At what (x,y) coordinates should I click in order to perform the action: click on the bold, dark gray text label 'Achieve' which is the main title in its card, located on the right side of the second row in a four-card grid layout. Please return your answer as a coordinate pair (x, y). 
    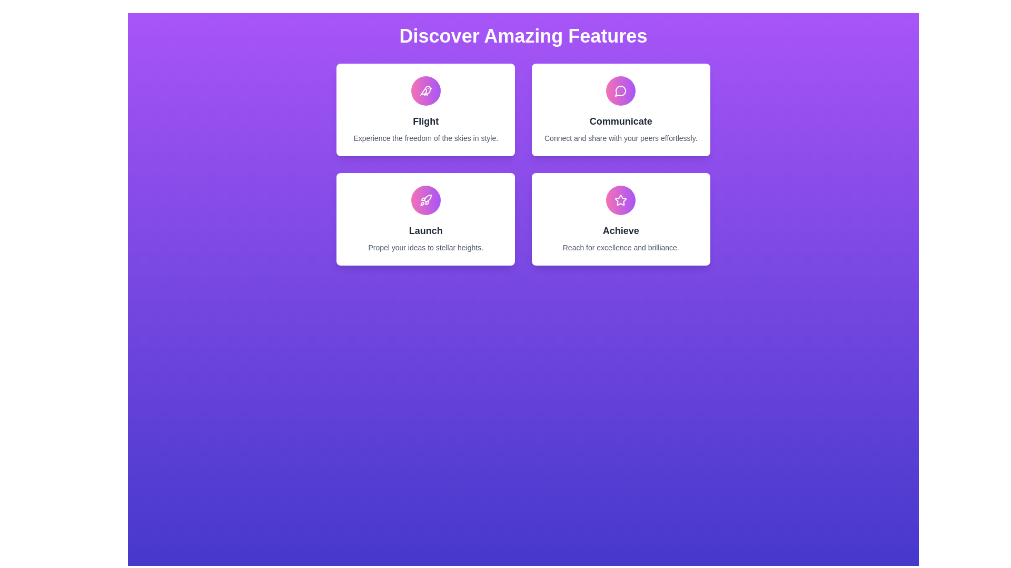
    Looking at the image, I should click on (621, 230).